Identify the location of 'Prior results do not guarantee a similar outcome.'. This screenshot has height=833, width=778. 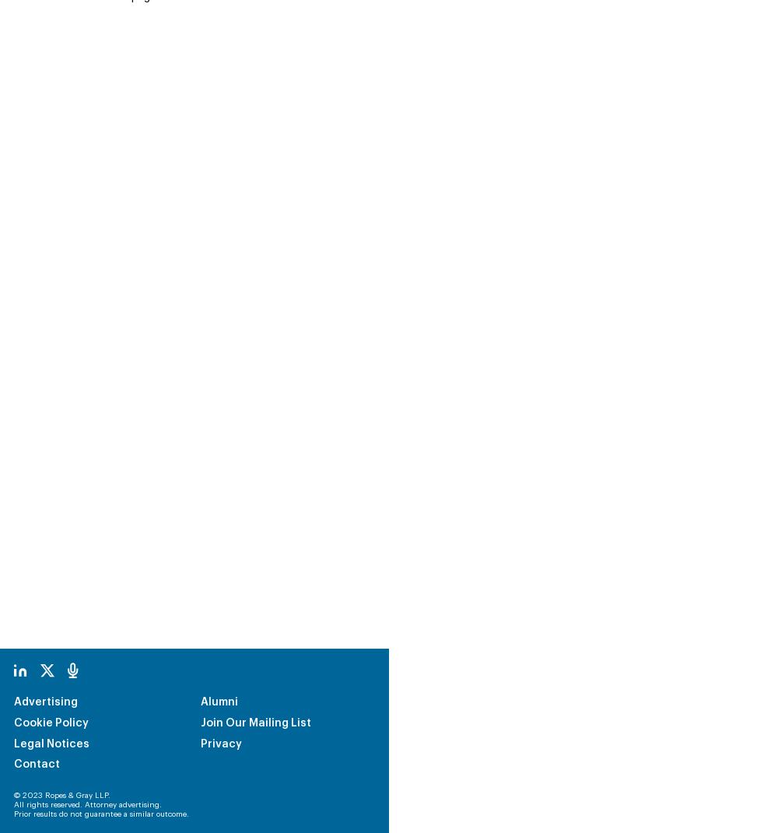
(101, 710).